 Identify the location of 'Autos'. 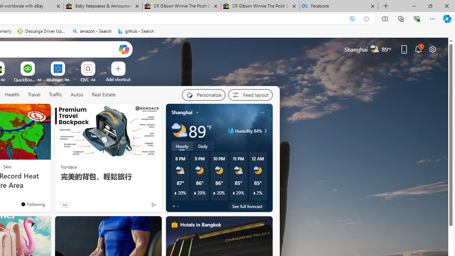
(77, 95).